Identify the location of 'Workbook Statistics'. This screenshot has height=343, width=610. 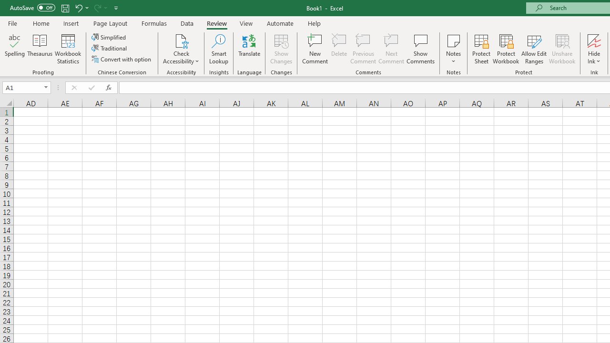
(67, 49).